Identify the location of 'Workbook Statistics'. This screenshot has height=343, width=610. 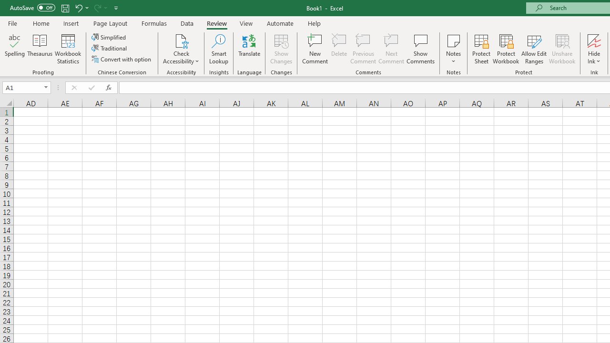
(67, 49).